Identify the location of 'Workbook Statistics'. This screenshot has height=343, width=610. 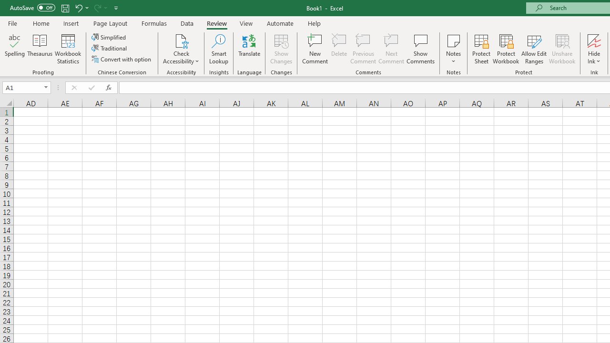
(67, 49).